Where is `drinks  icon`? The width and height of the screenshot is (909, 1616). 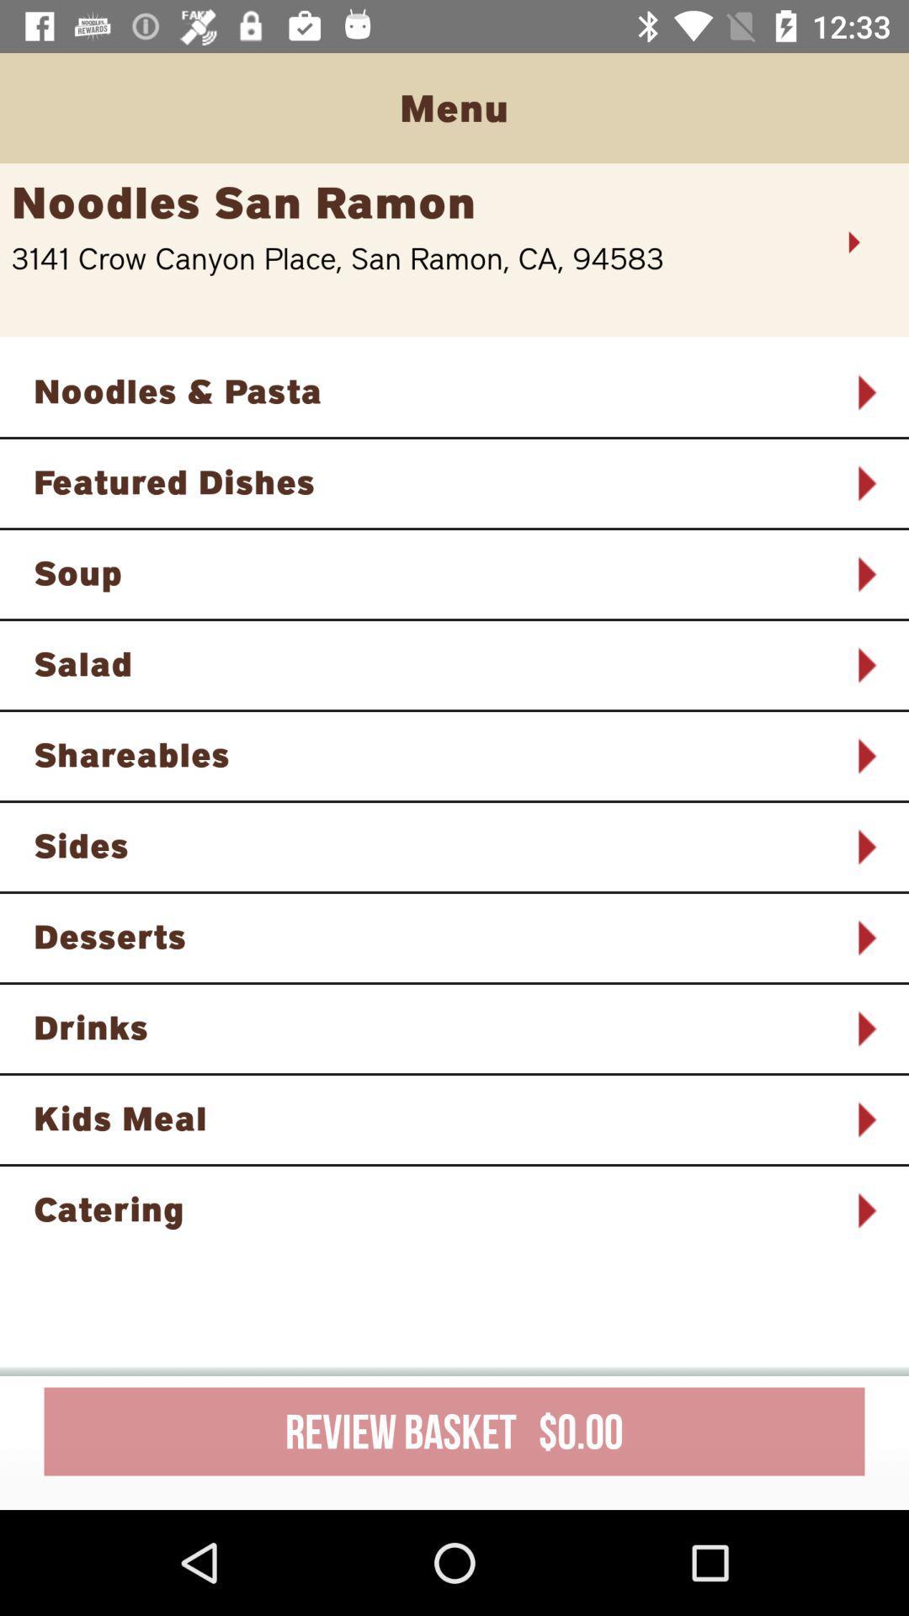
drinks  icon is located at coordinates (432, 1026).